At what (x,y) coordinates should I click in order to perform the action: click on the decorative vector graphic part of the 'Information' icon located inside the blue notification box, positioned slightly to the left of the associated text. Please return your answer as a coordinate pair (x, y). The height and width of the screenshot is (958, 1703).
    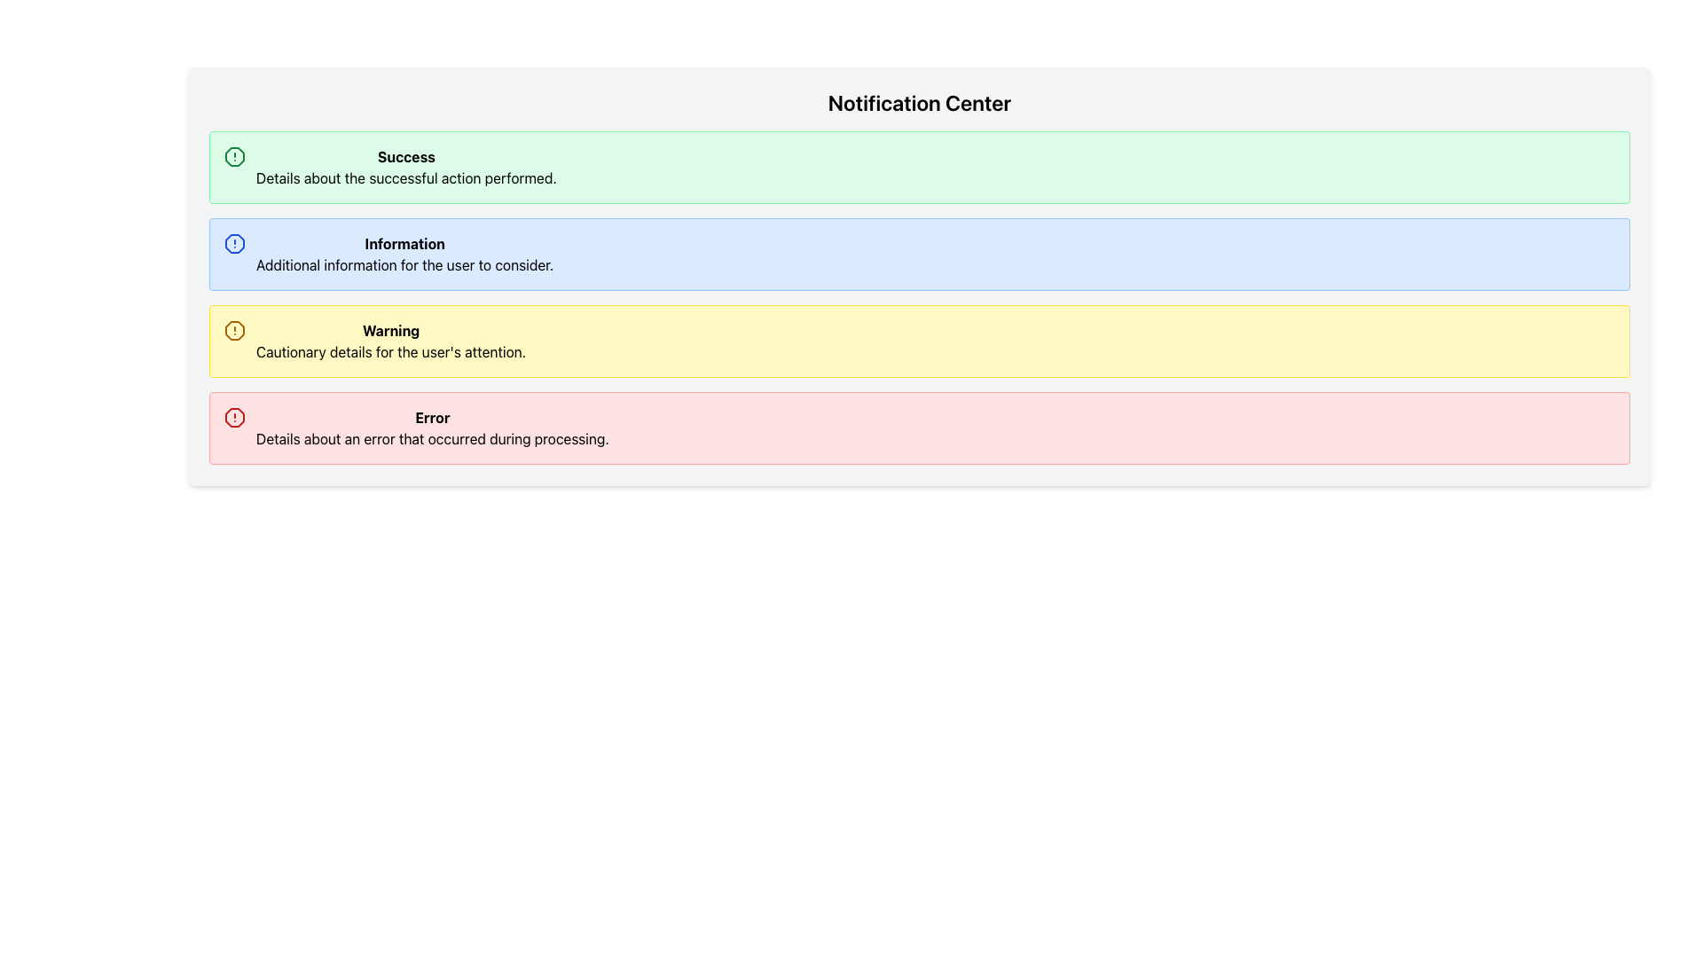
    Looking at the image, I should click on (233, 243).